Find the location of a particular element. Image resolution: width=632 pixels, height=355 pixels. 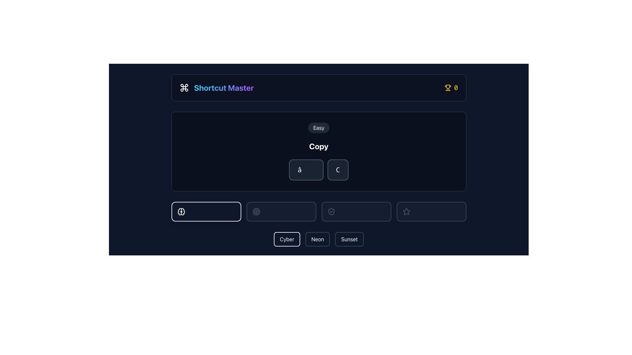

the centrally aligned label or tag indicating difficulty level, positioned above the 'Copy' text is located at coordinates (319, 128).